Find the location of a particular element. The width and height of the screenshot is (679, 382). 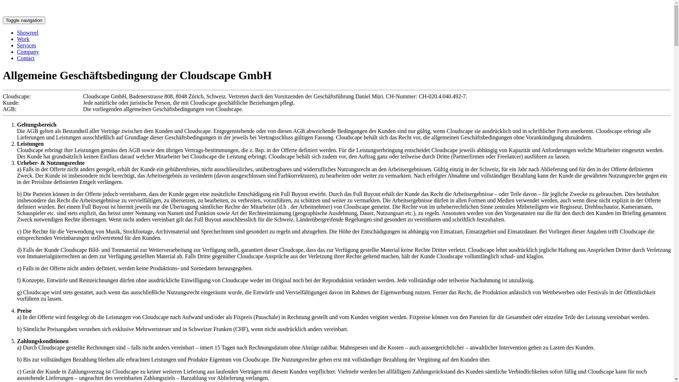

'Company' is located at coordinates (28, 51).